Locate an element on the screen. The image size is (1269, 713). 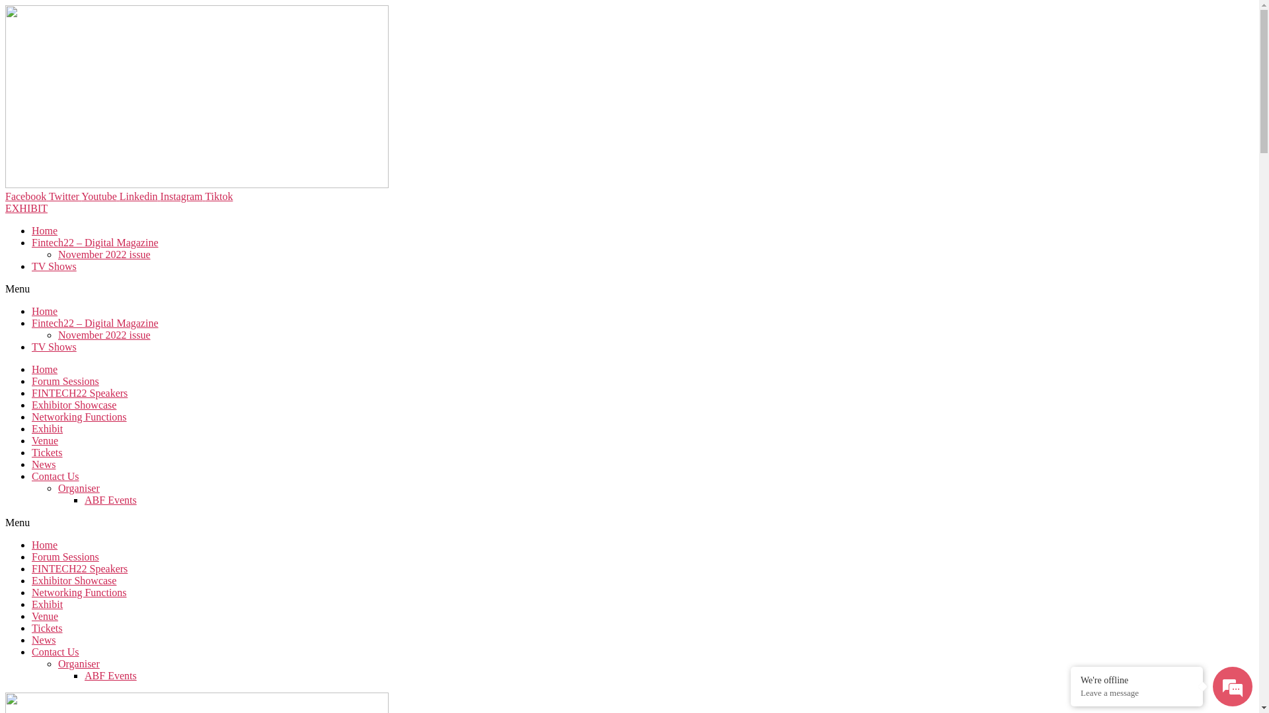
'Tiktok' is located at coordinates (219, 196).